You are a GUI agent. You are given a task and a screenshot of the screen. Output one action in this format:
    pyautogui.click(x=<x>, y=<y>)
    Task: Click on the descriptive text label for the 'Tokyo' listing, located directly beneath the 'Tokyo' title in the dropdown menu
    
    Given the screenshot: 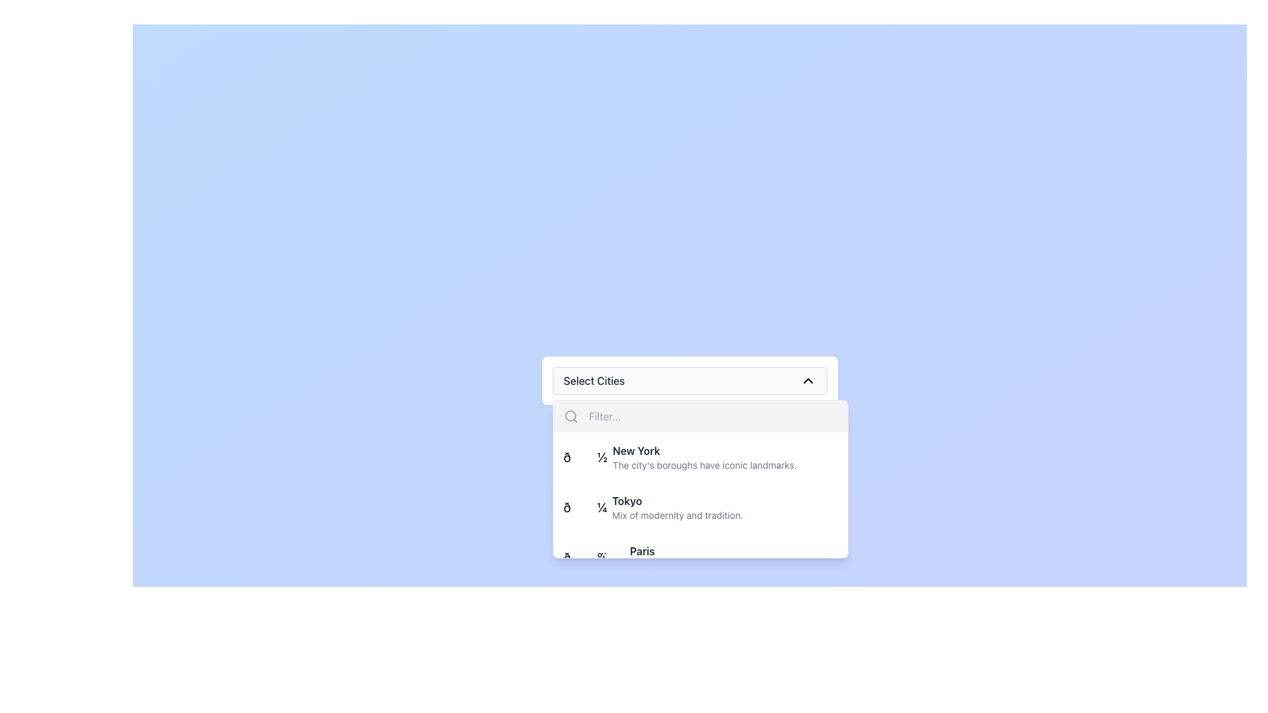 What is the action you would take?
    pyautogui.click(x=678, y=514)
    